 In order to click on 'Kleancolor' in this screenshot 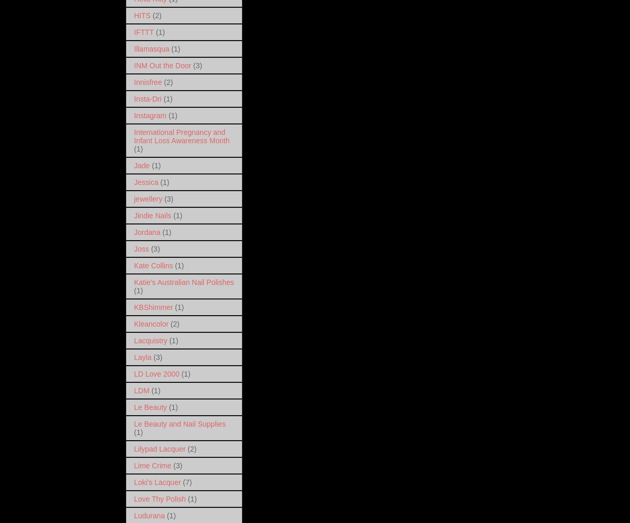, I will do `click(134, 323)`.